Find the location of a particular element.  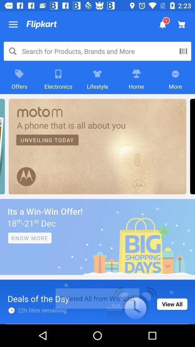

icon to the right of deals of the icon is located at coordinates (172, 304).